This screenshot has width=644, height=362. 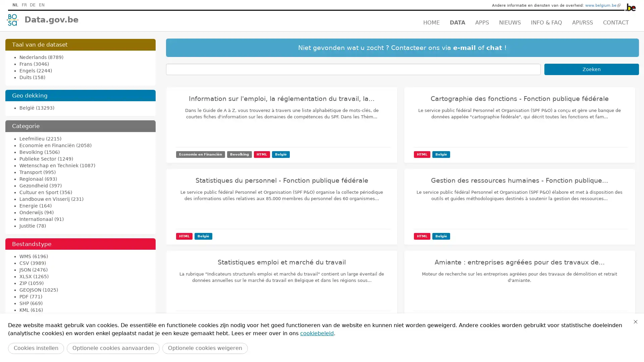 I want to click on Sluiten, so click(x=635, y=321).